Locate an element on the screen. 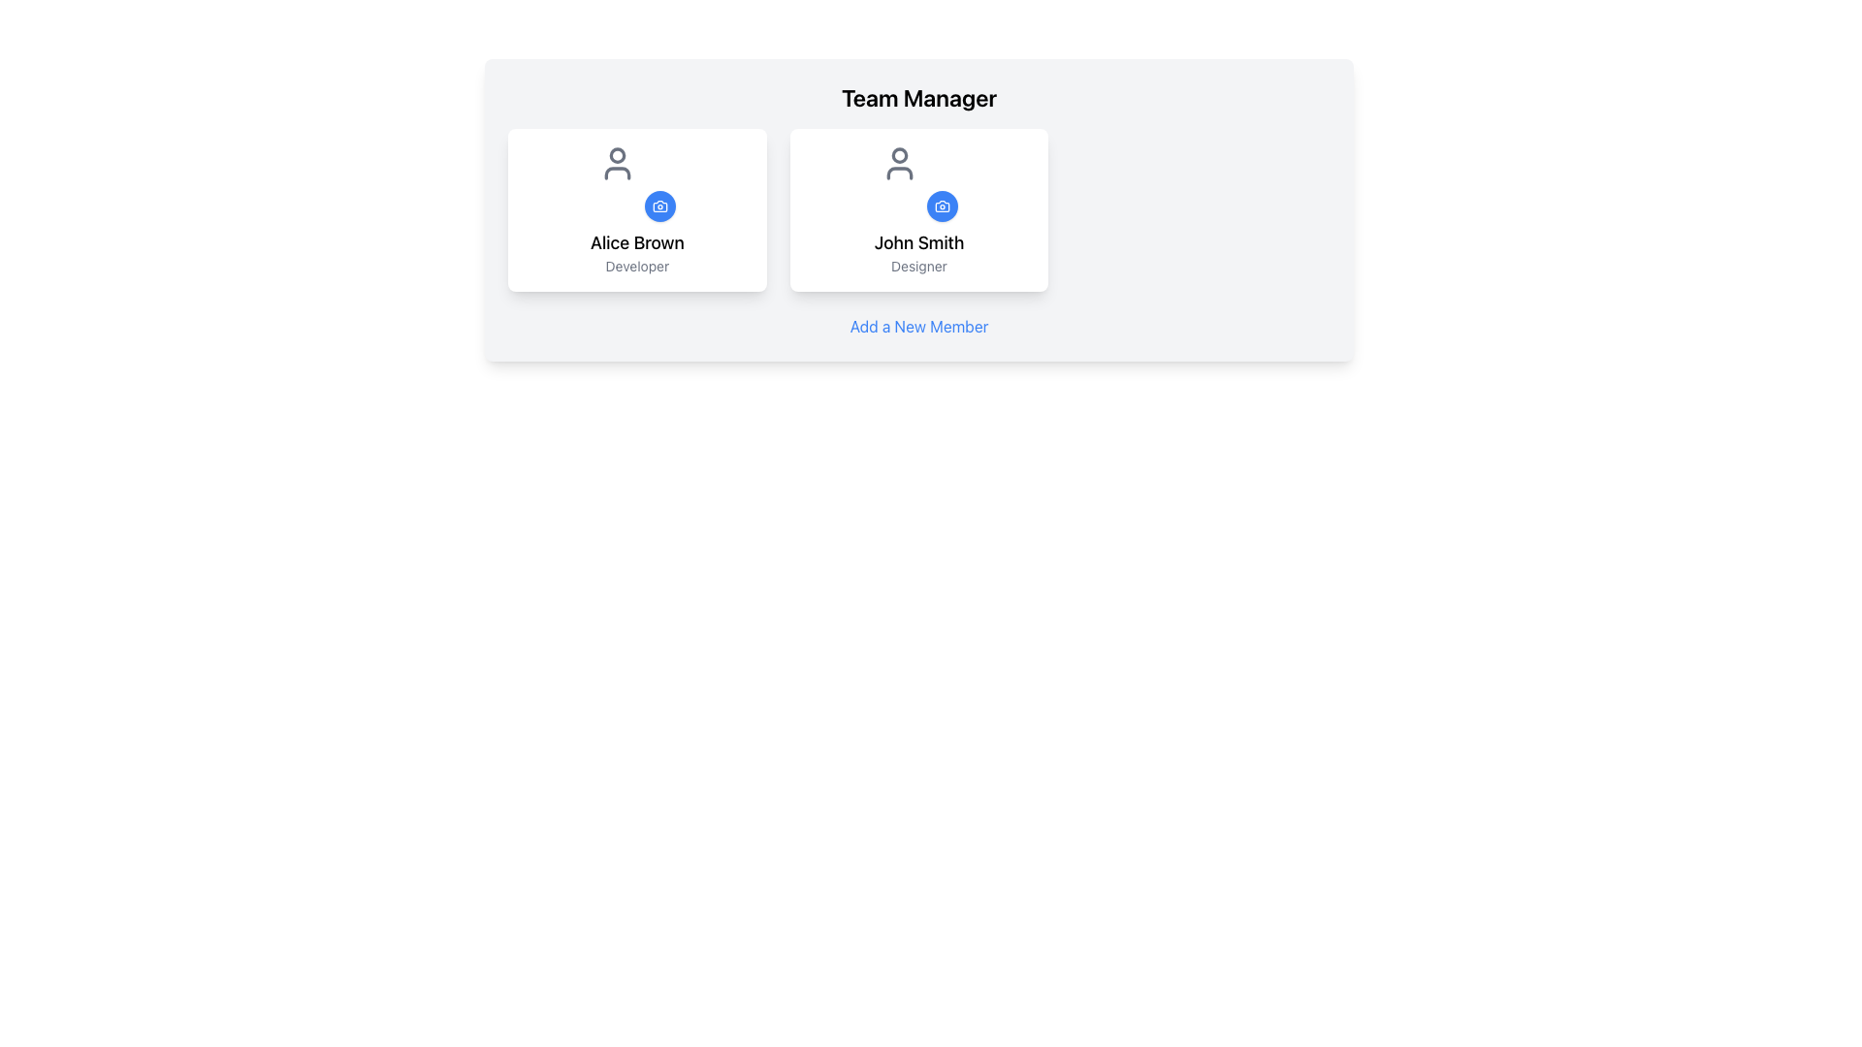  the text element that represents the name of an individual on the left card of the top row in the grid interface is located at coordinates (637, 241).